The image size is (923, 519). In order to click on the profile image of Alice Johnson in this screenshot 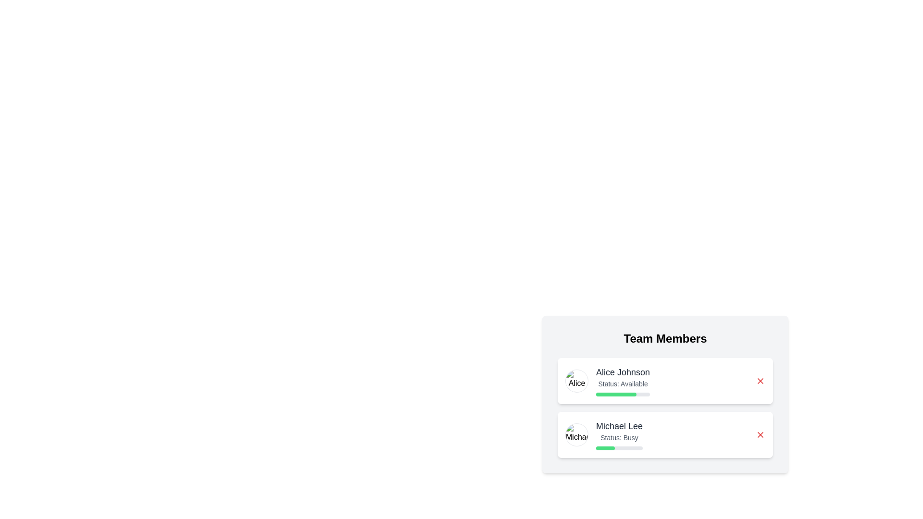, I will do `click(577, 381)`.